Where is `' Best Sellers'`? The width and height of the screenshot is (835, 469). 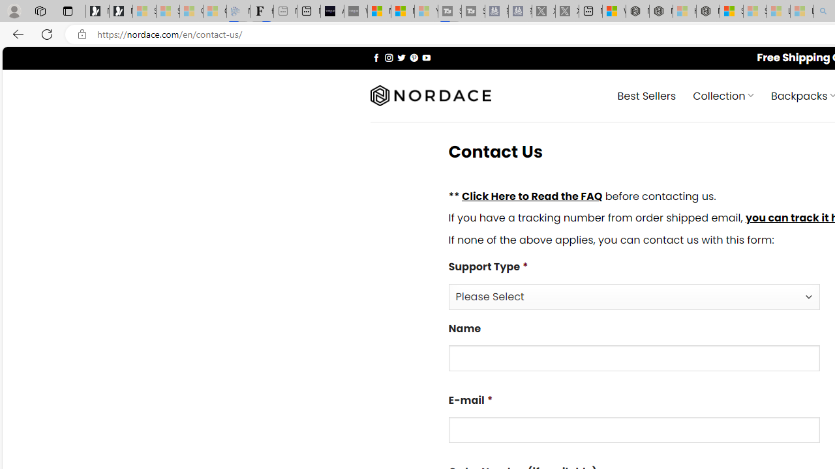
' Best Sellers' is located at coordinates (646, 94).